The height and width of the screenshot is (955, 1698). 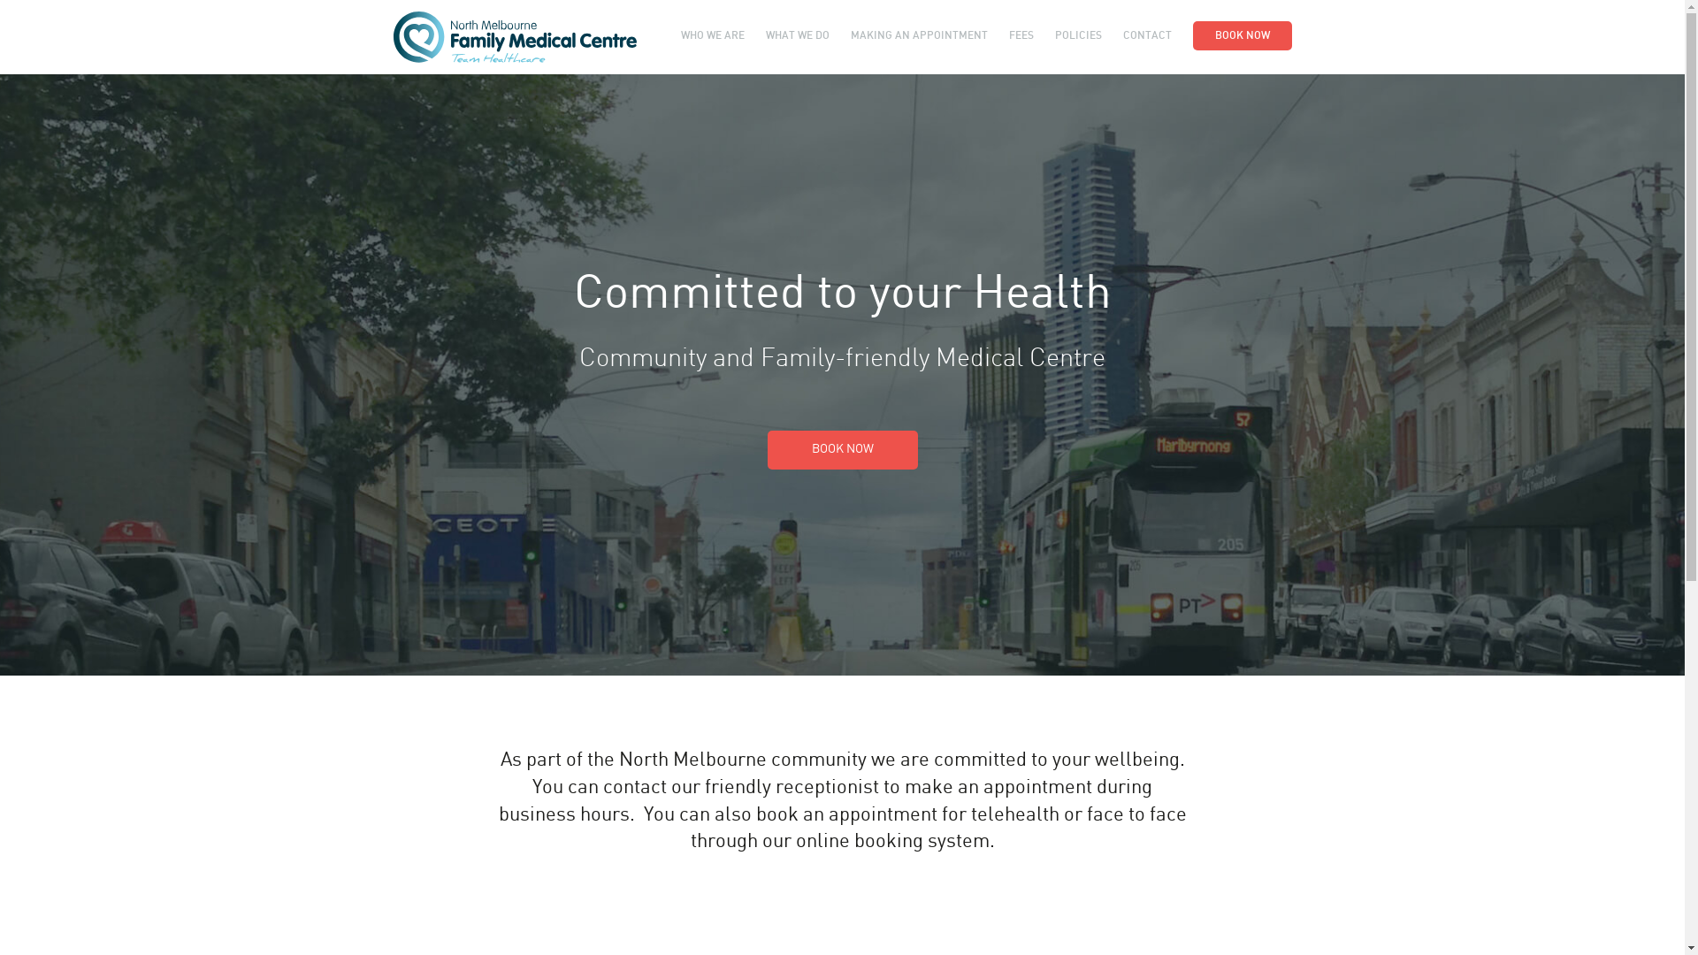 I want to click on 'WHAT WE DO', so click(x=797, y=34).